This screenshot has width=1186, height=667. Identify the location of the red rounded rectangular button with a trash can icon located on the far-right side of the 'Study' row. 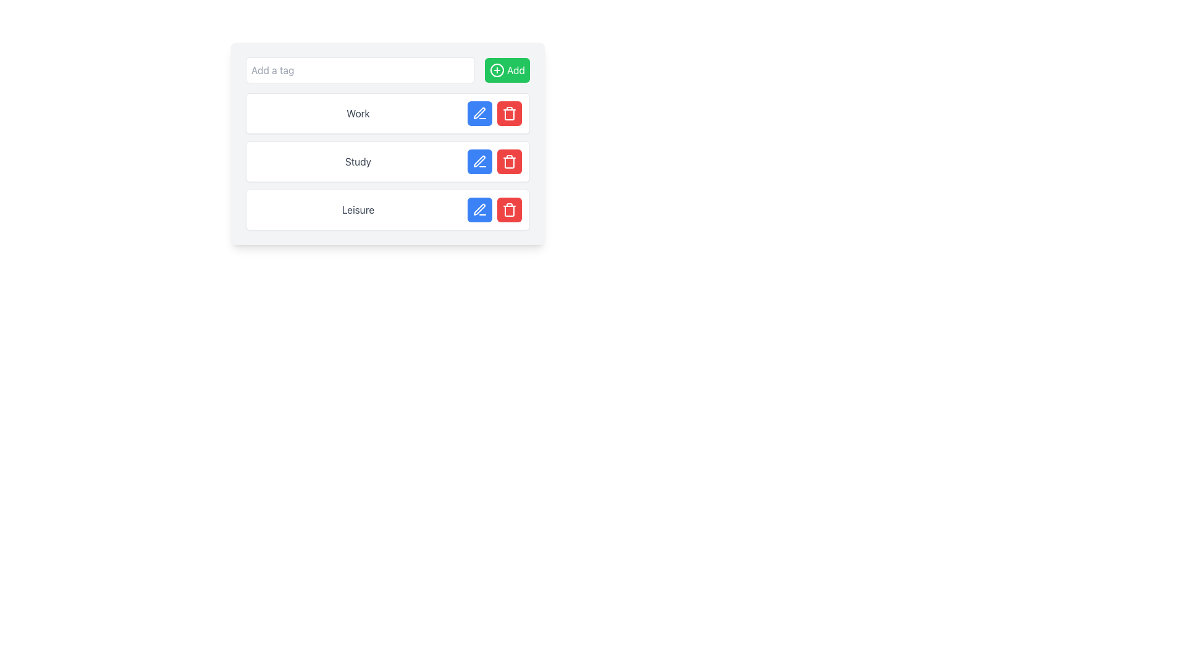
(510, 161).